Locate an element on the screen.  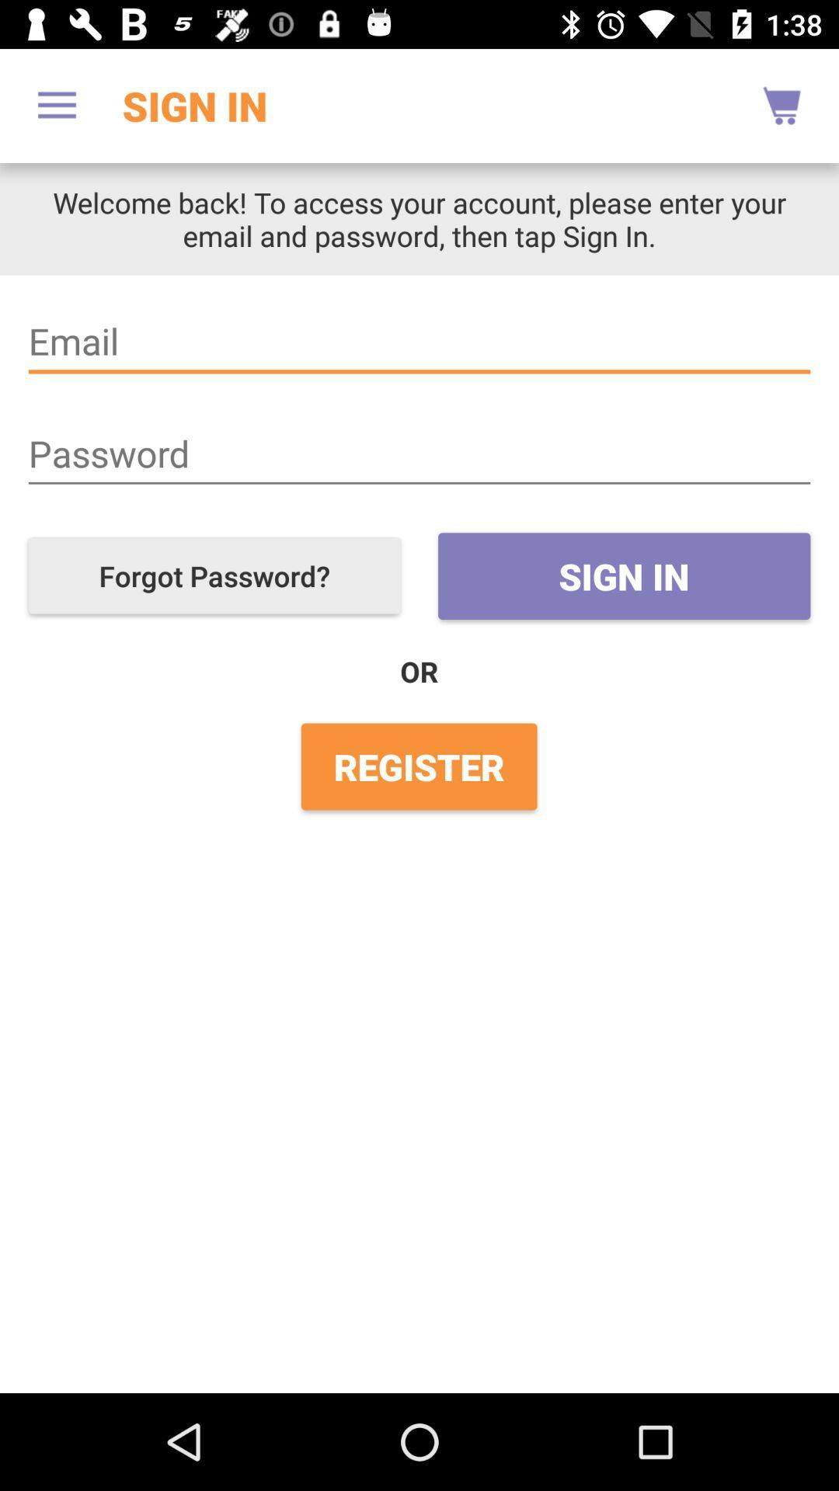
the item above welcome back to icon is located at coordinates (56, 105).